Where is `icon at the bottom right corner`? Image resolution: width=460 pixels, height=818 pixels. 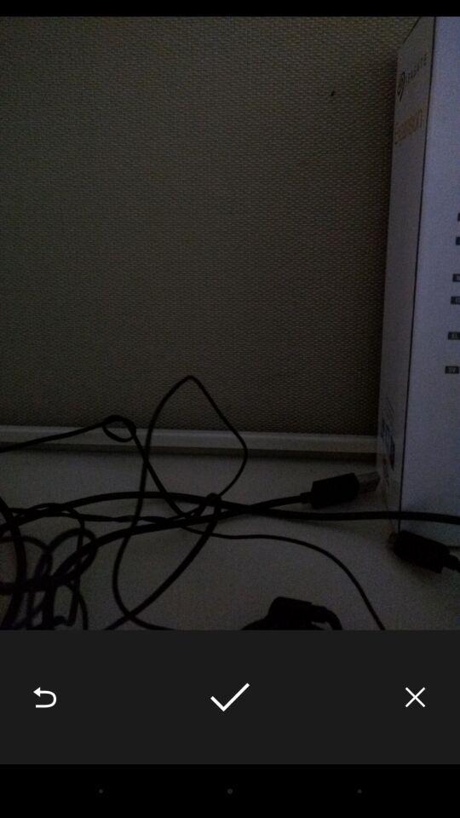
icon at the bottom right corner is located at coordinates (414, 697).